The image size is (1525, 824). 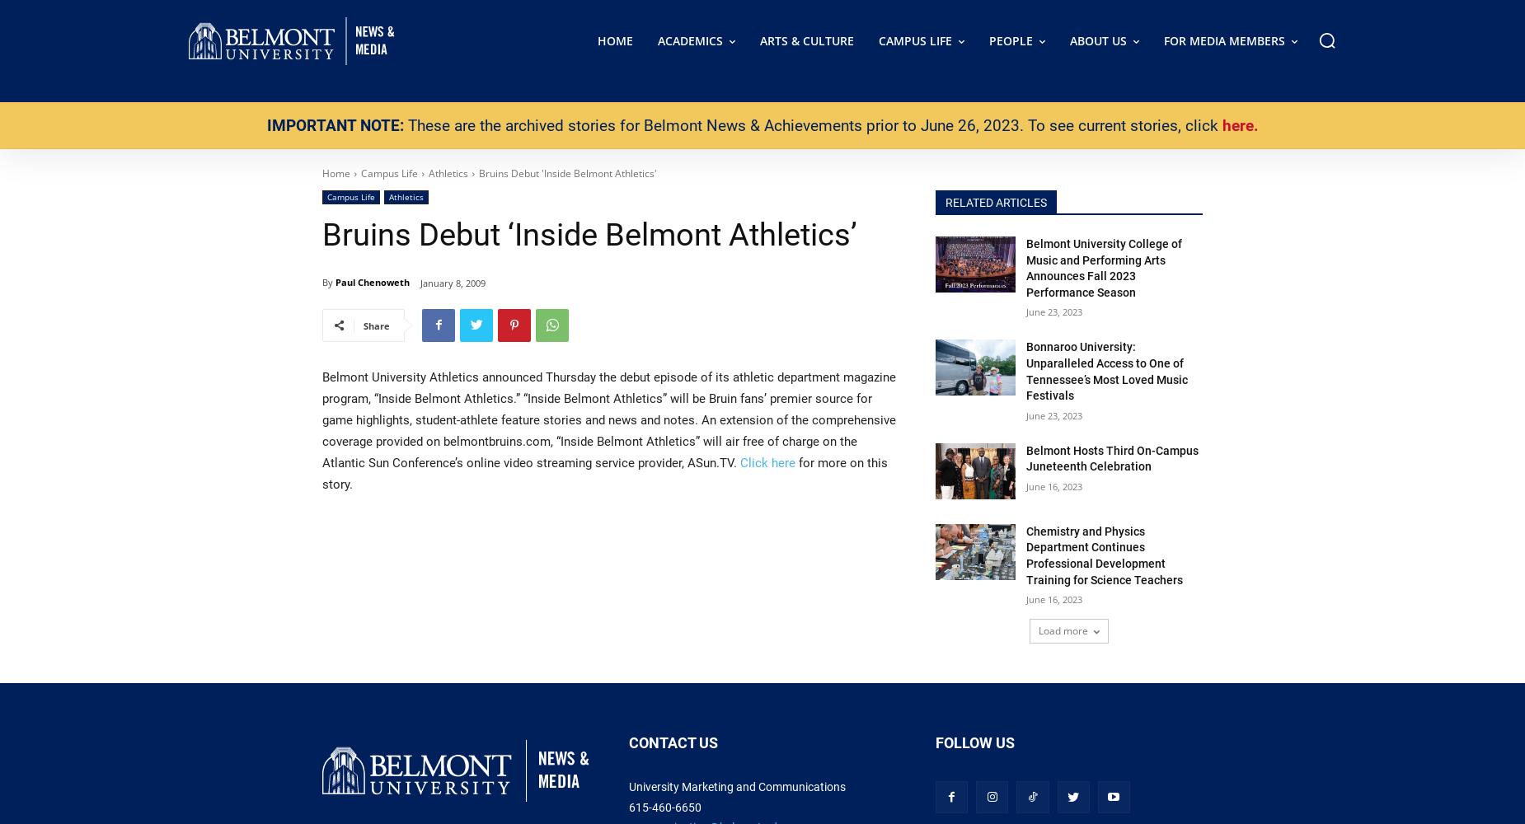 What do you see at coordinates (995, 202) in the screenshot?
I see `'Related Articles'` at bounding box center [995, 202].